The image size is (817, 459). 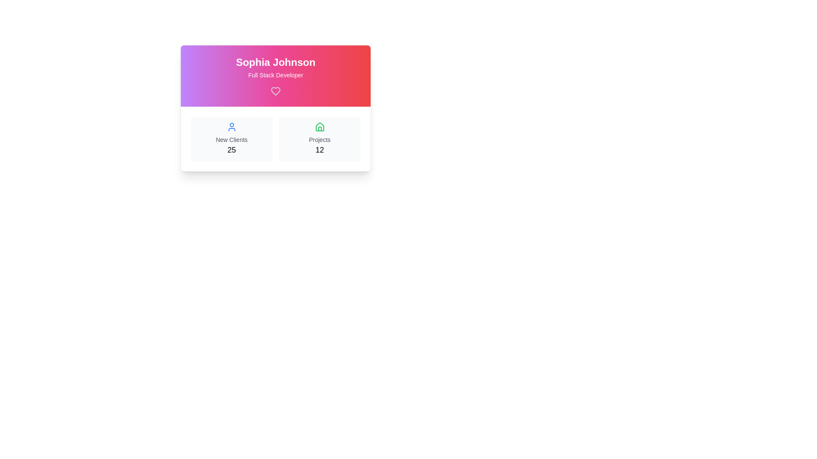 I want to click on the house icon, which is a small green icon with a clear outline, located at the top of the 'Projects' card displaying the number '12', so click(x=319, y=127).